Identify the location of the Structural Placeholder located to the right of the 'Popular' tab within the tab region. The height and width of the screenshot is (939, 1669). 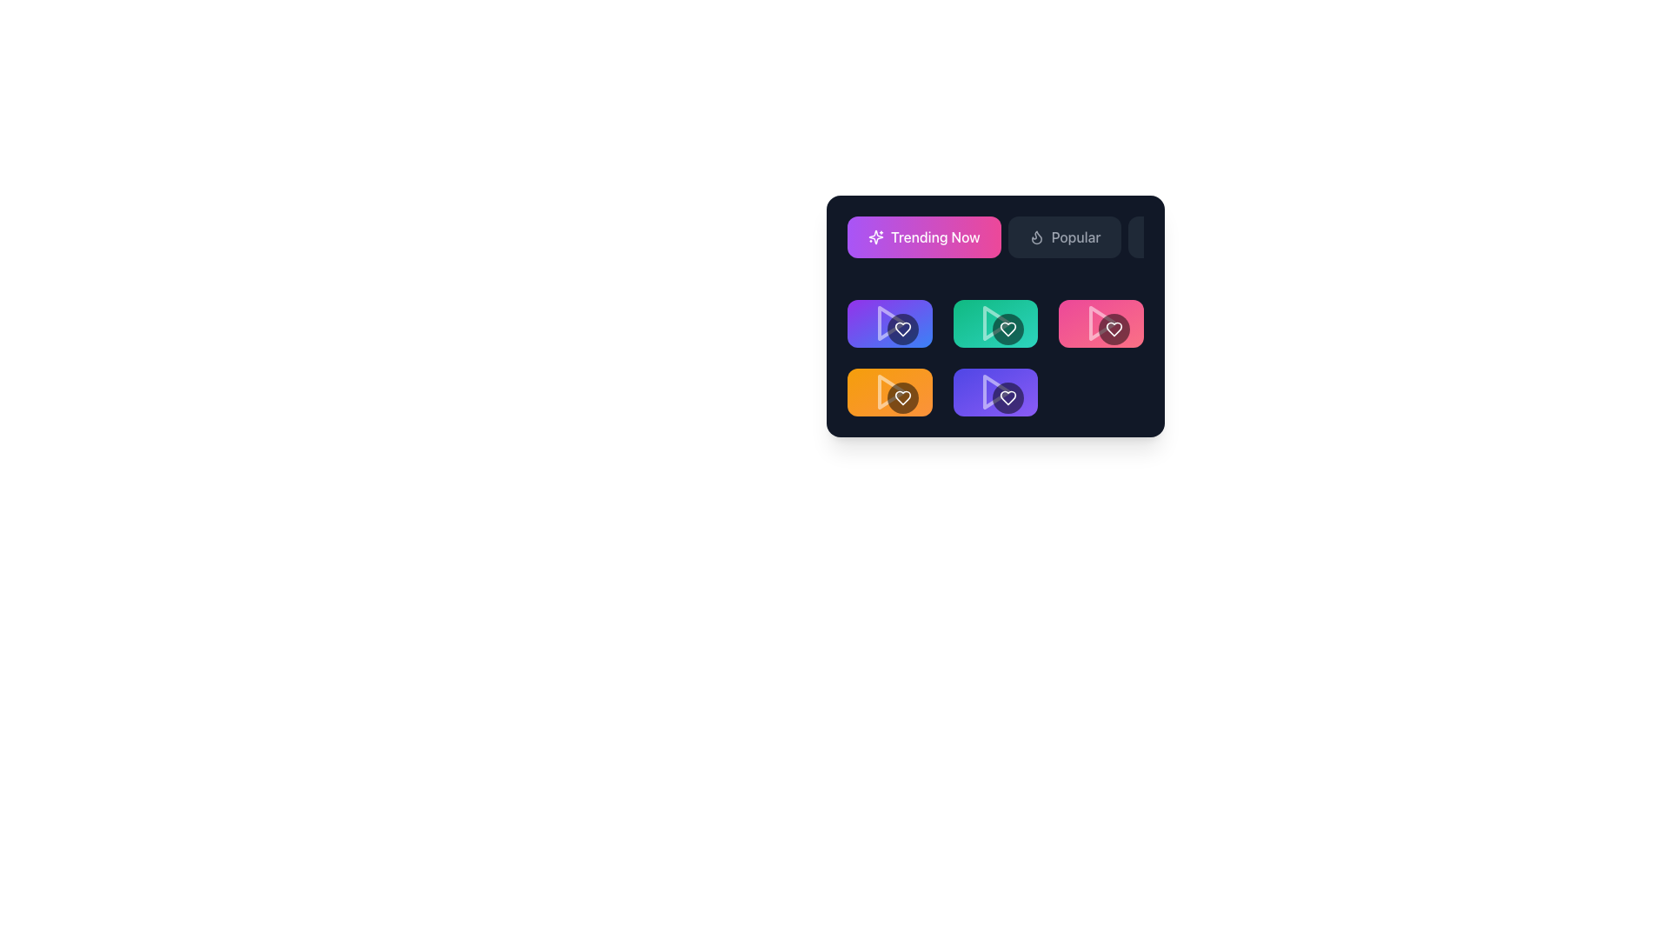
(1100, 270).